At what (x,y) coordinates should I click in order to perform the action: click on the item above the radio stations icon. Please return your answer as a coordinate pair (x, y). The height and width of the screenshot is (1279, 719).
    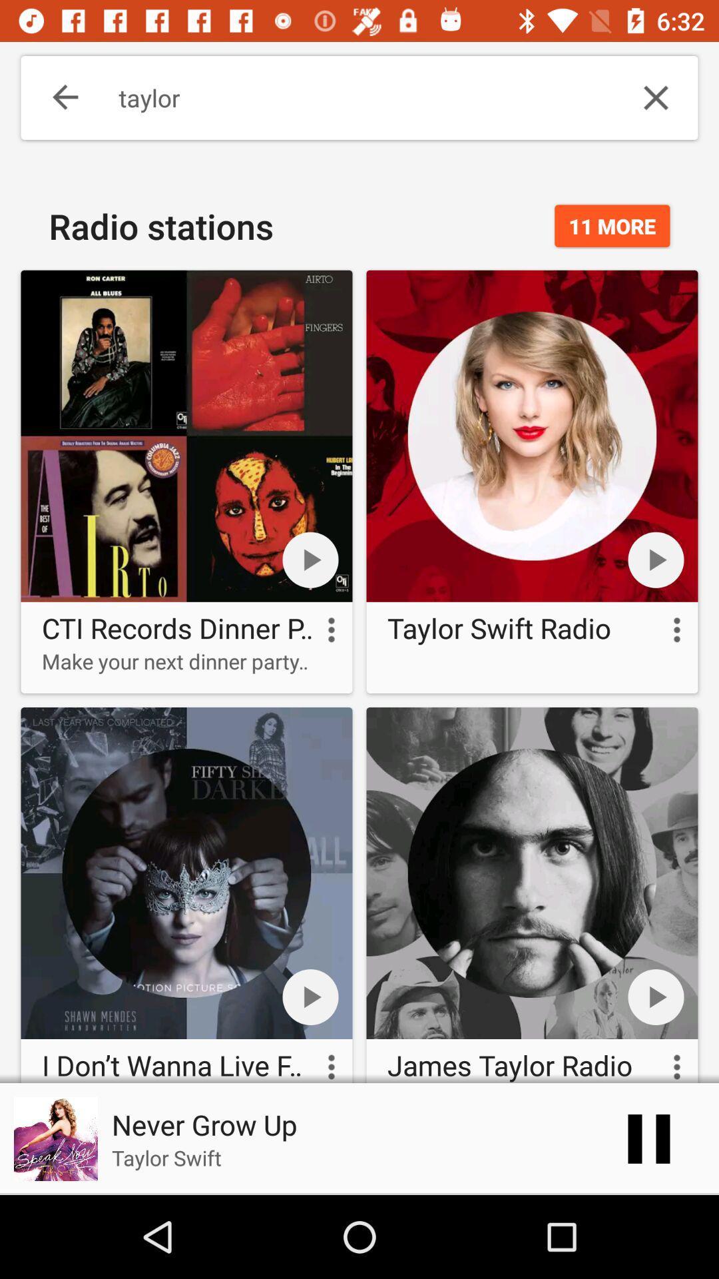
    Looking at the image, I should click on (55, 97).